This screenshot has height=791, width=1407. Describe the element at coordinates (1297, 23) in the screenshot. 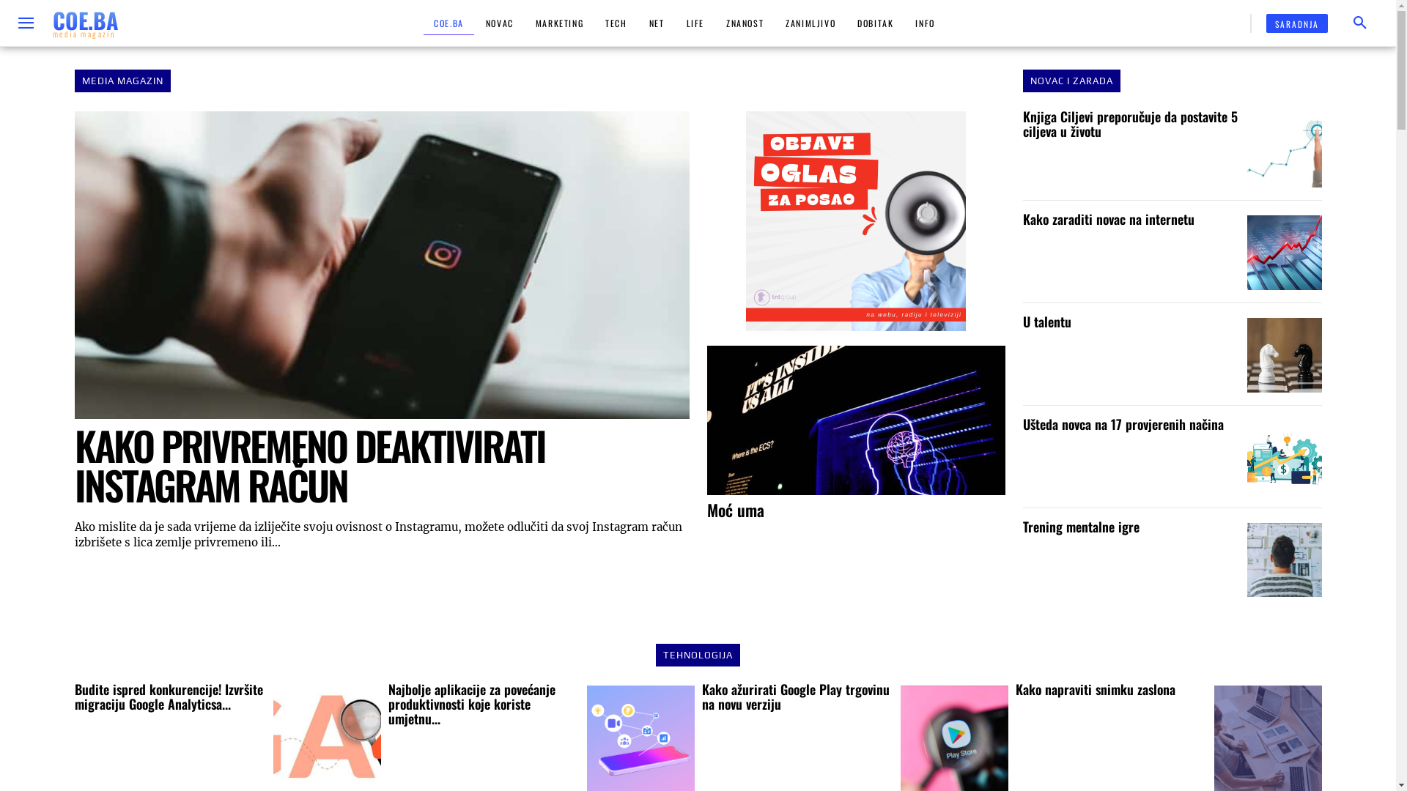

I see `'SARADNJA'` at that location.